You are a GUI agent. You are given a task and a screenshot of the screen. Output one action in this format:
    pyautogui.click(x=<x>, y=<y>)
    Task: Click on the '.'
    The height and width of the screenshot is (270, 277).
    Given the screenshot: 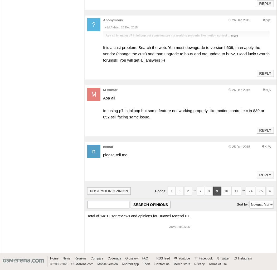 What is the action you would take?
    pyautogui.click(x=189, y=216)
    